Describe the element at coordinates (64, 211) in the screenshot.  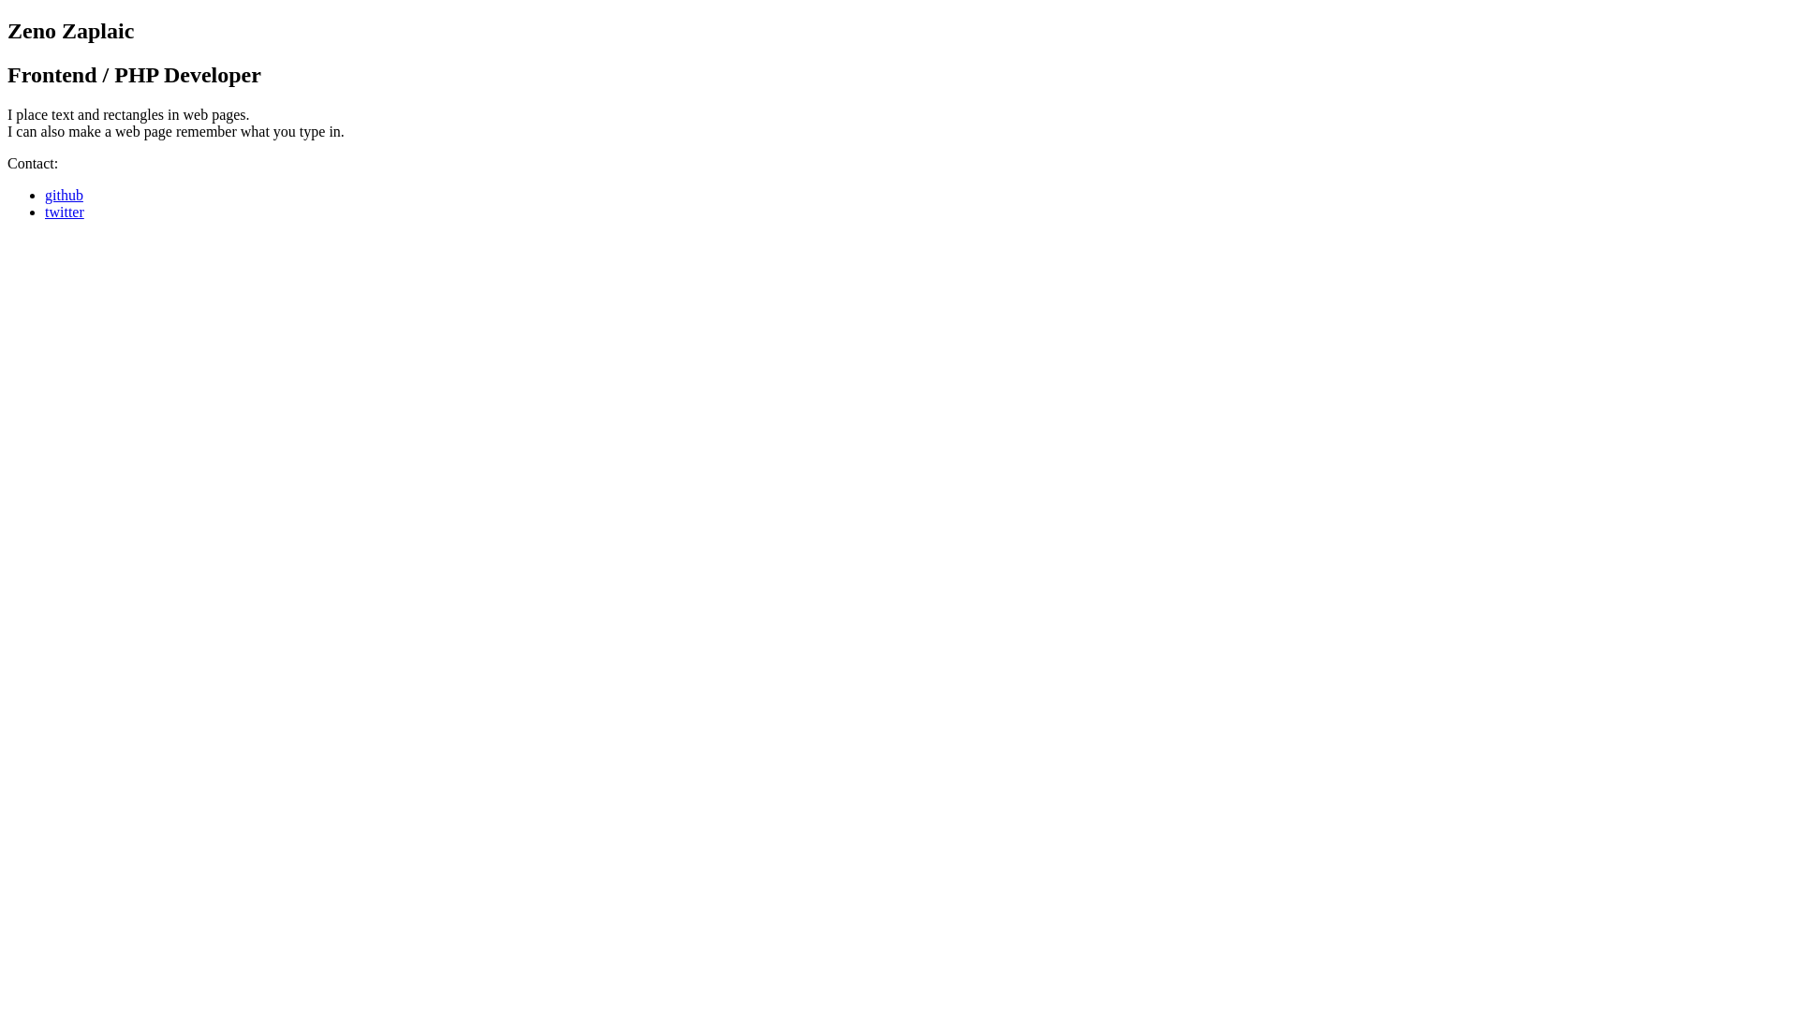
I see `'twitter'` at that location.